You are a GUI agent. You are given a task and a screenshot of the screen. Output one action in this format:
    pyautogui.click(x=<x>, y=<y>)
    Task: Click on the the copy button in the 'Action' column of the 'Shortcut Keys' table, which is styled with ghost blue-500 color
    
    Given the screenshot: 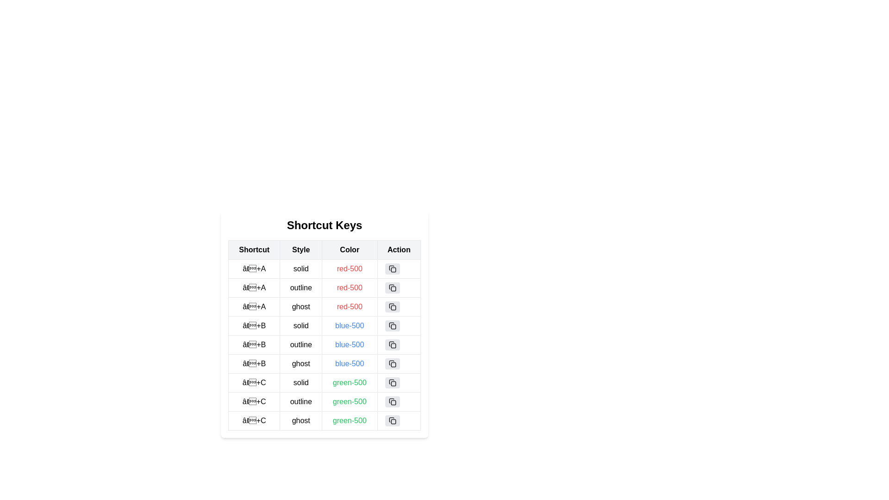 What is the action you would take?
    pyautogui.click(x=391, y=362)
    